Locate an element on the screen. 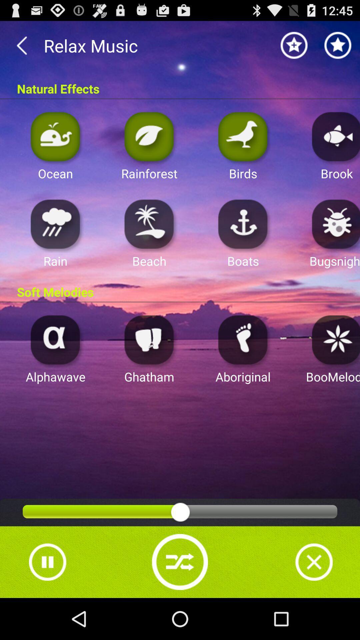 The width and height of the screenshot is (360, 640). aboriginal is located at coordinates (243, 339).